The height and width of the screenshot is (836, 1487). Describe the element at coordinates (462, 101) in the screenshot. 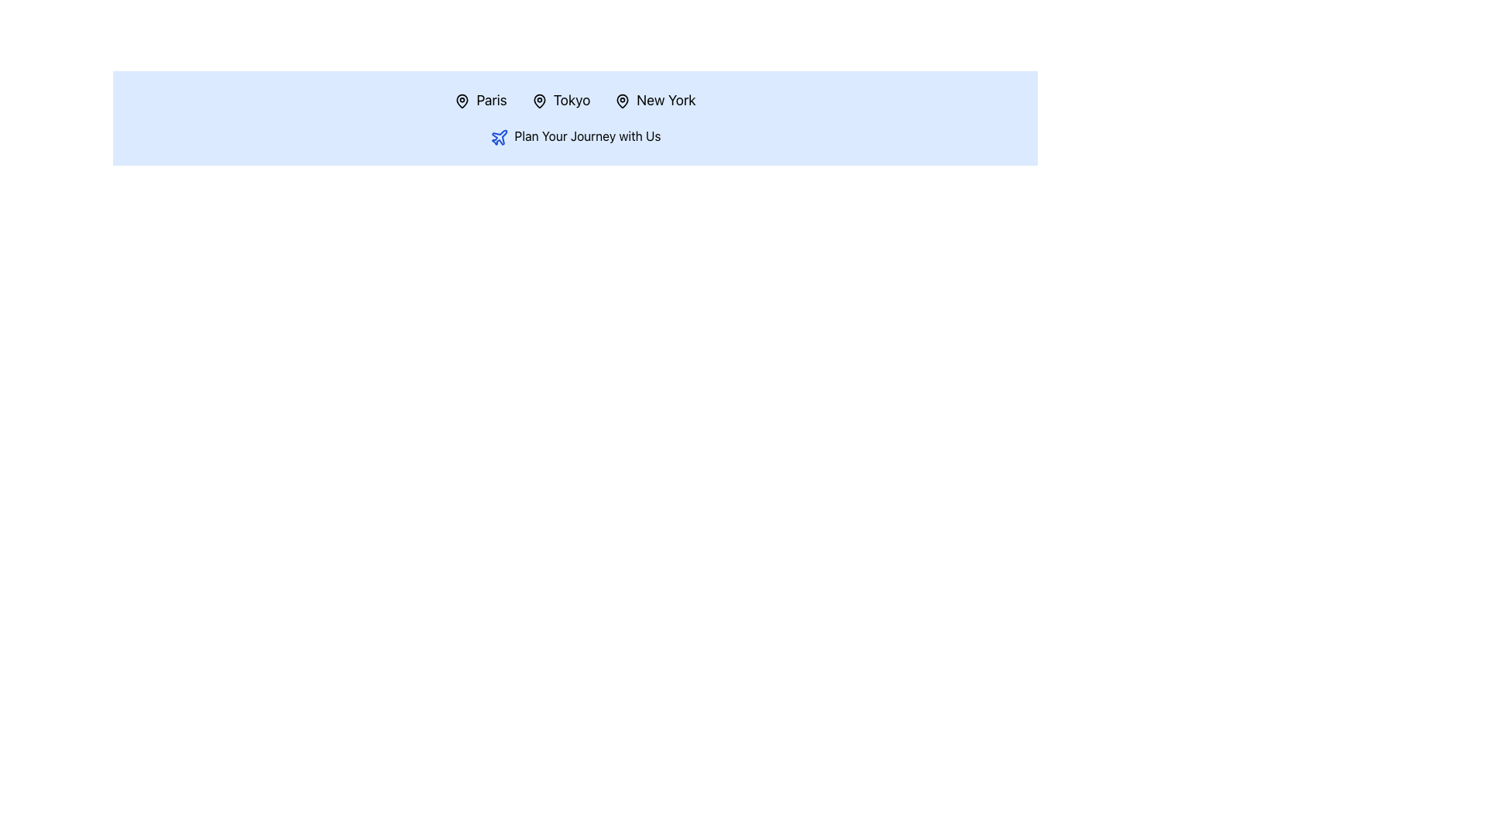

I see `the SVG-based map pin icon` at that location.